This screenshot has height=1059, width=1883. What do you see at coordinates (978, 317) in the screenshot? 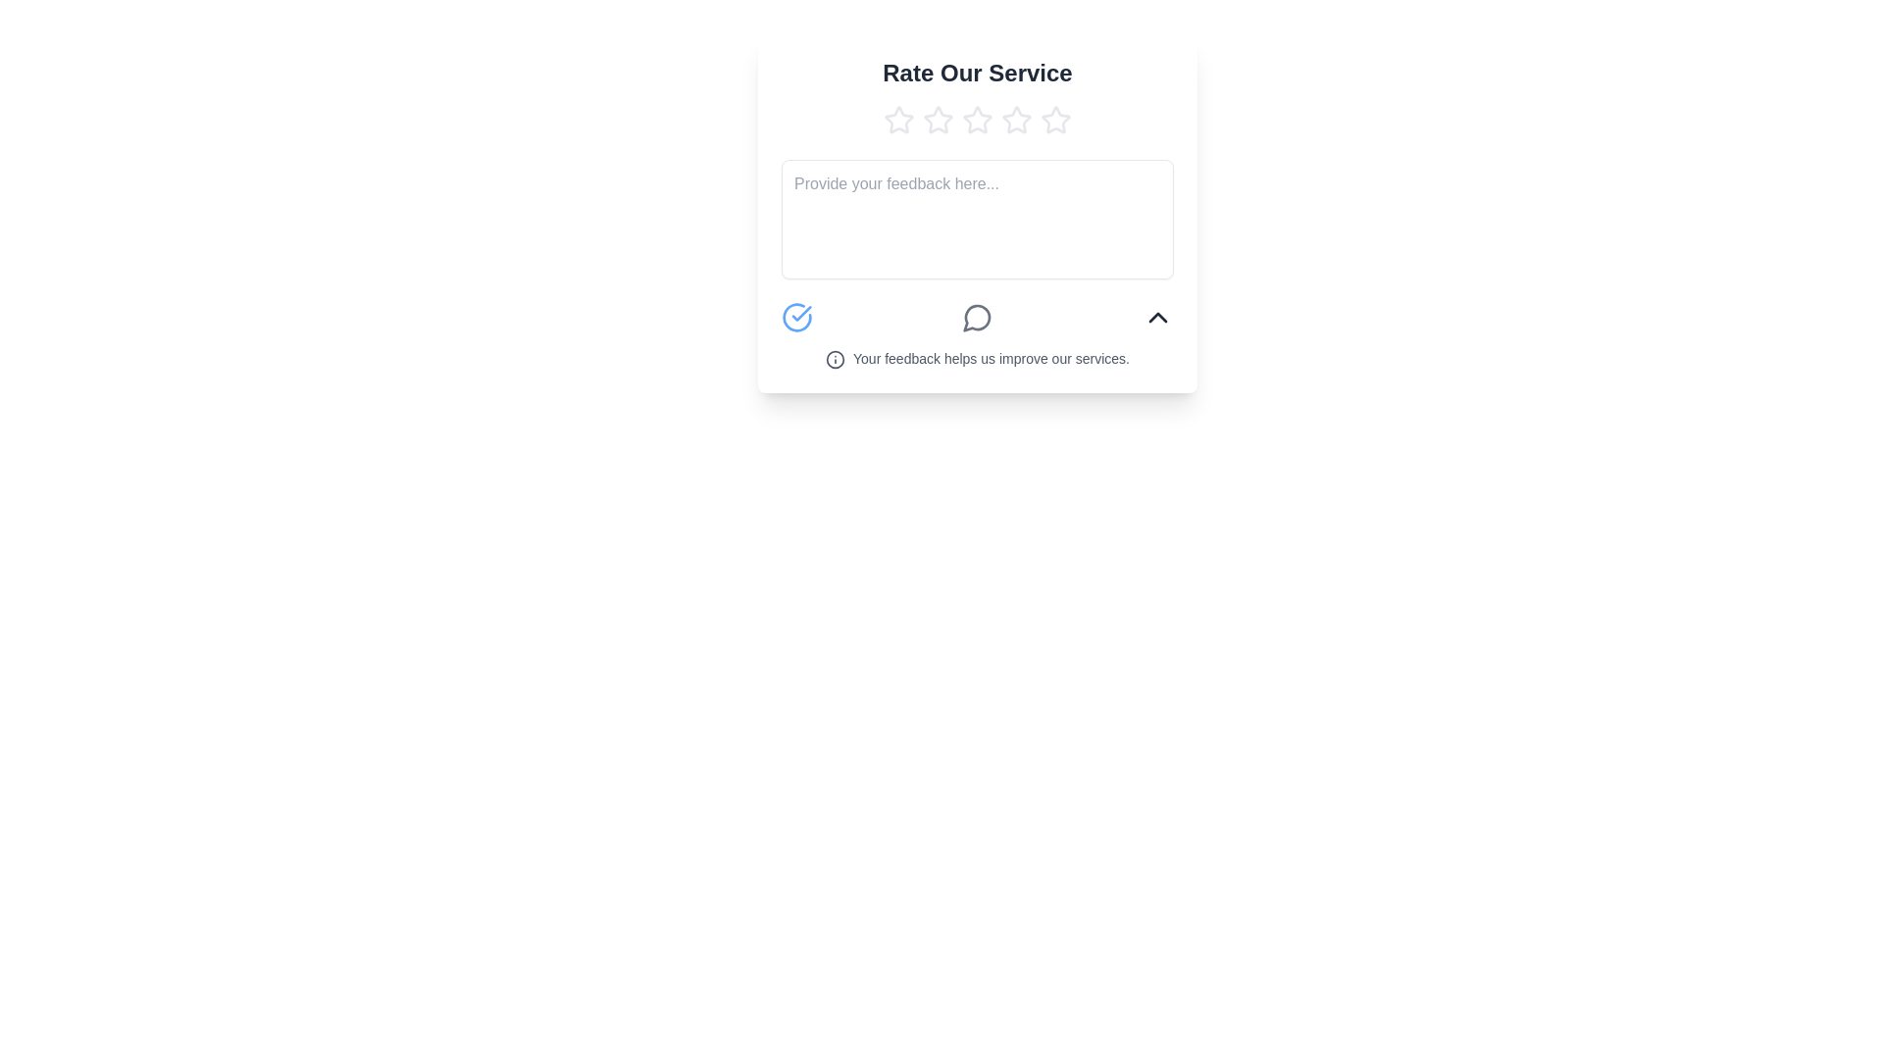
I see `the speech bubble icon, which is gray and located in the user feedback interface, positioned between a checkmark icon and a downward arrow icon` at bounding box center [978, 317].